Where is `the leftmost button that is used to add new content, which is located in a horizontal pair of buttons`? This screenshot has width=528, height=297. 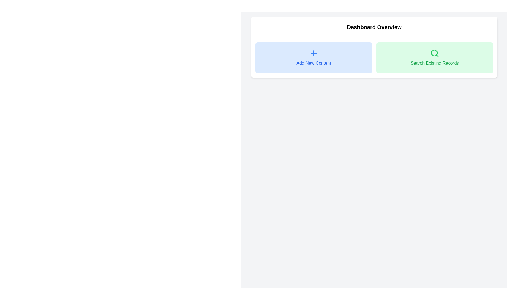
the leftmost button that is used to add new content, which is located in a horizontal pair of buttons is located at coordinates (314, 57).